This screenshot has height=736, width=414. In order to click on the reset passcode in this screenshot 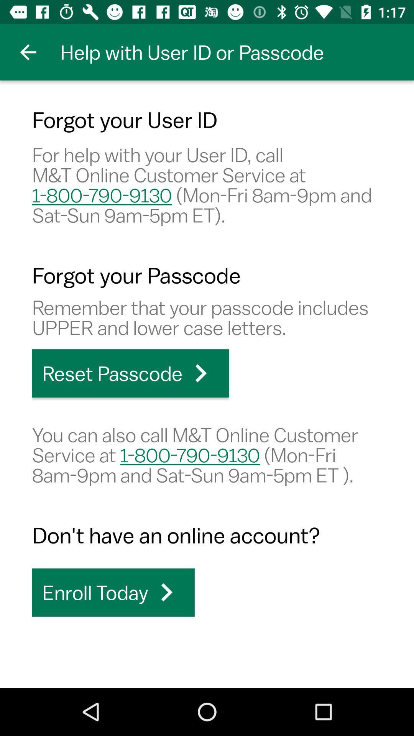, I will do `click(130, 373)`.